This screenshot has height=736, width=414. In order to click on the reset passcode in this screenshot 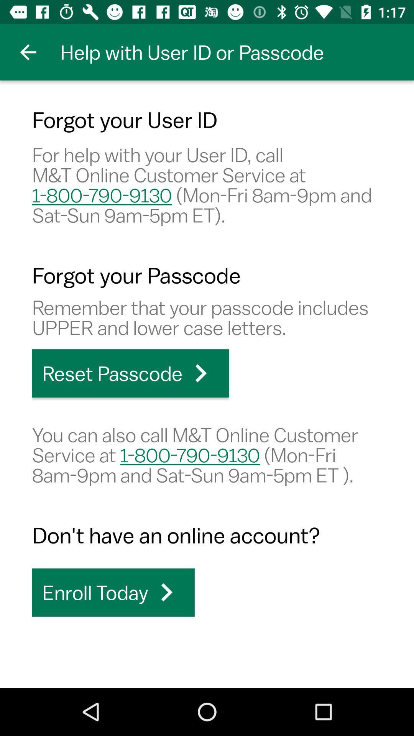, I will do `click(130, 373)`.